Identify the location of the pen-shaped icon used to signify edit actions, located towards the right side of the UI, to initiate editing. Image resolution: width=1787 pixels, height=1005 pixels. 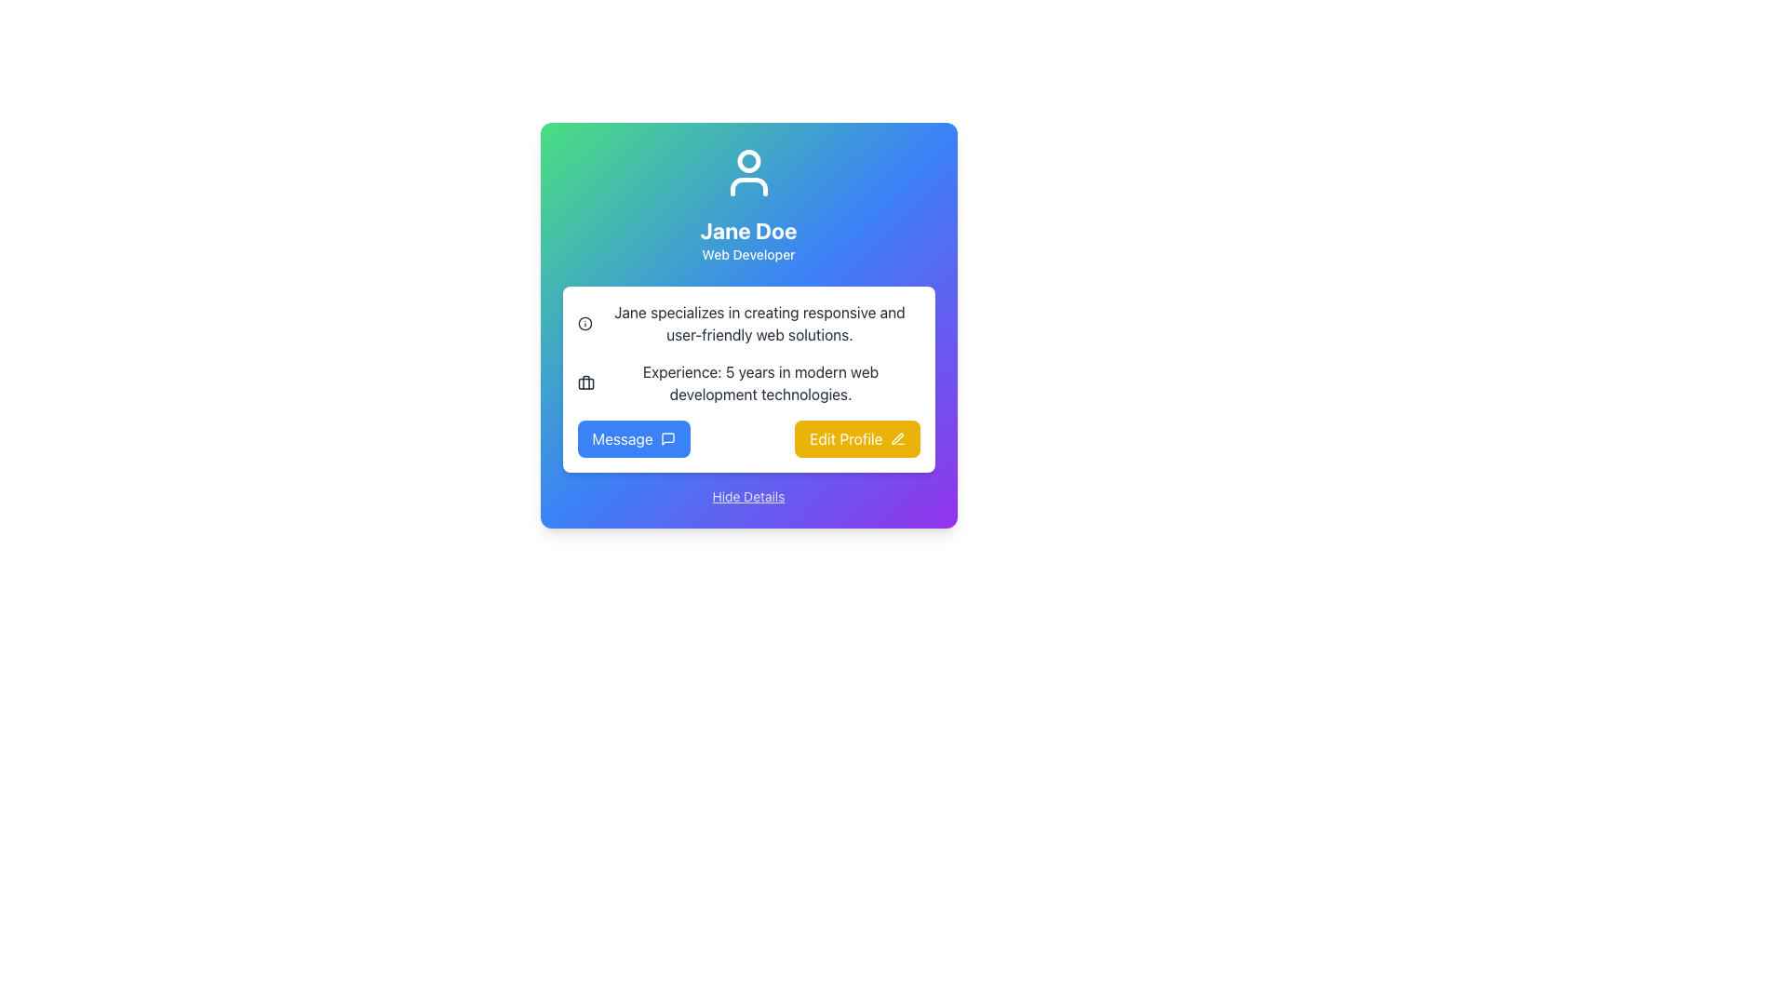
(897, 438).